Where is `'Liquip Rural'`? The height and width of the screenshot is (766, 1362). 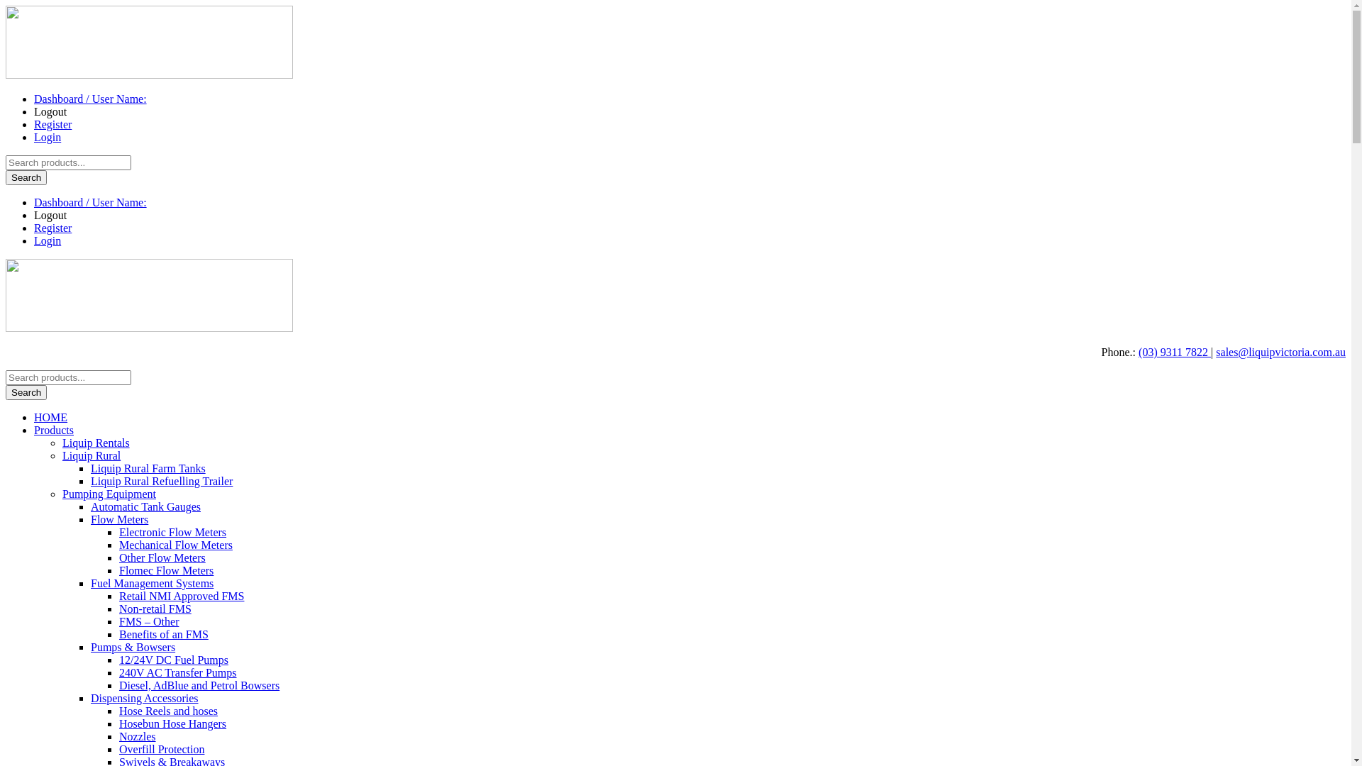
'Liquip Rural' is located at coordinates (91, 455).